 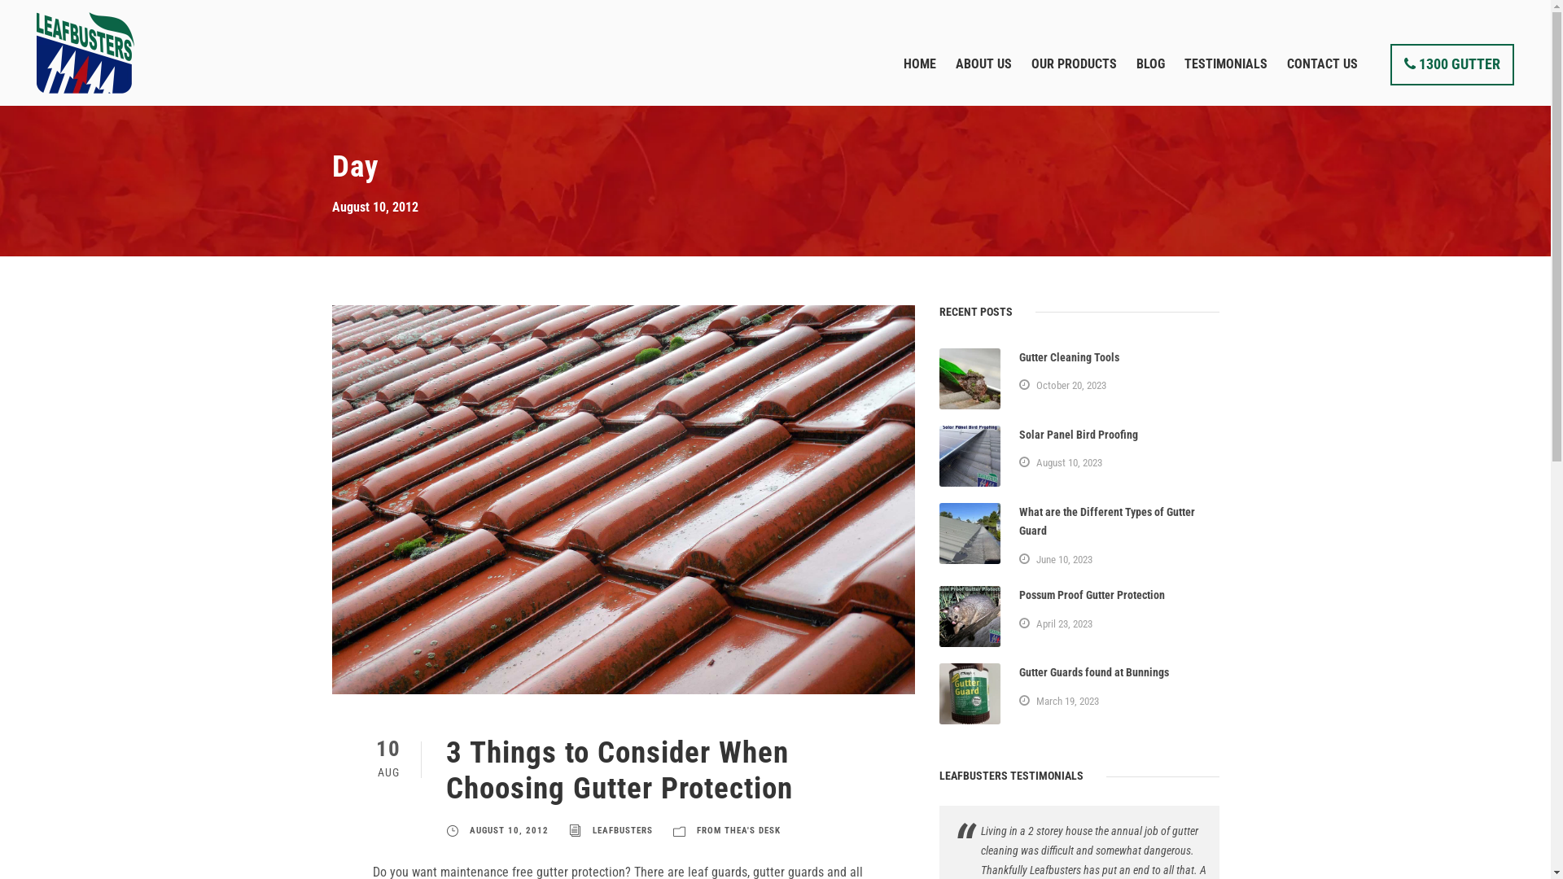 I want to click on 'Possum Proof Gutter Protection', so click(x=1018, y=595).